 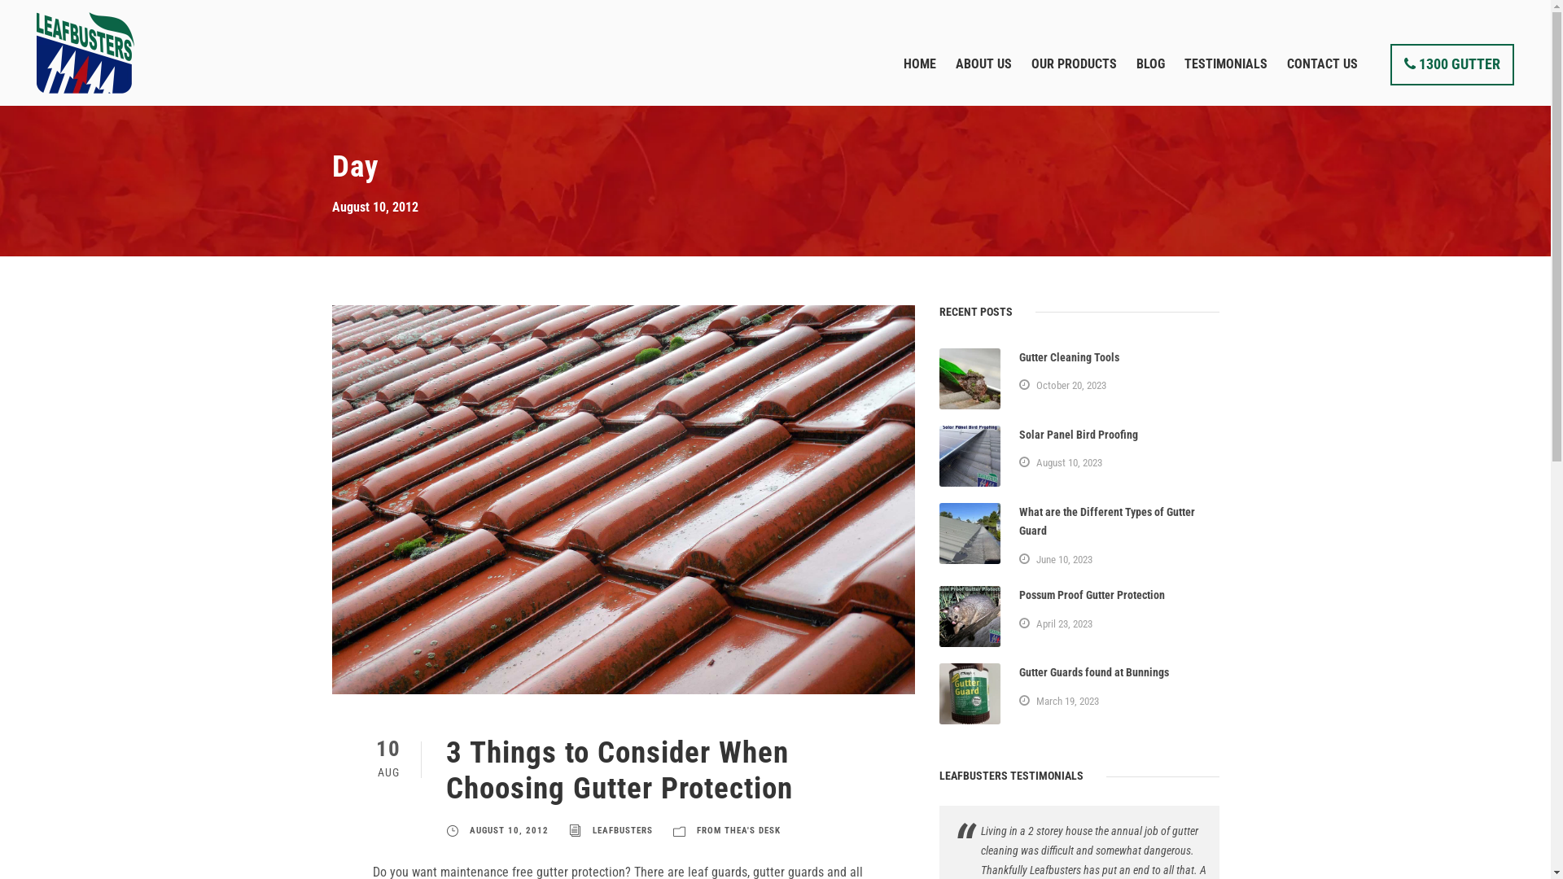 I want to click on 'Possum Proof Gutter Protection', so click(x=1018, y=595).